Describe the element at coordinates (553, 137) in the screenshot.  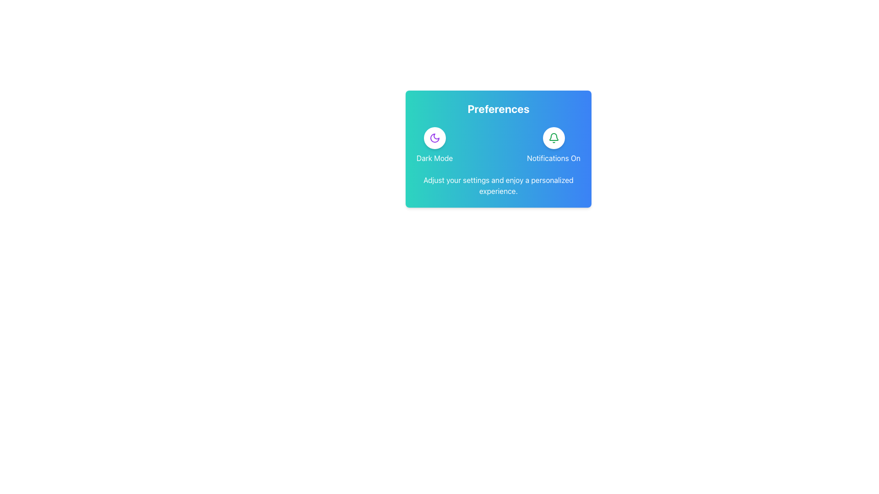
I see `the notifications icon located in the preferences section, to the right of 'Dark Mode'` at that location.